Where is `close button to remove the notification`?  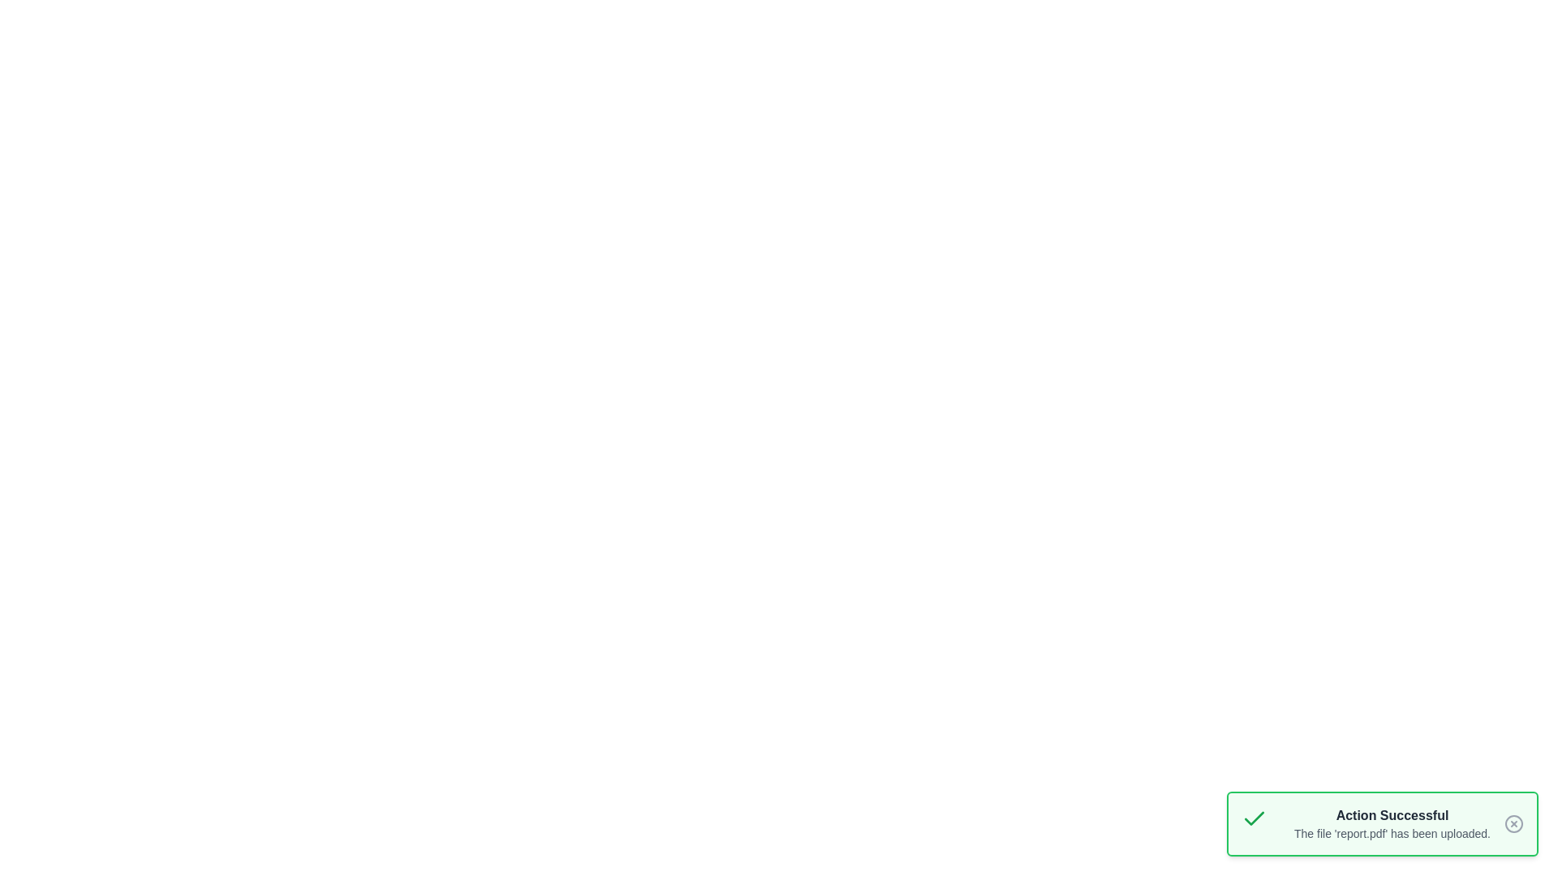
close button to remove the notification is located at coordinates (1513, 823).